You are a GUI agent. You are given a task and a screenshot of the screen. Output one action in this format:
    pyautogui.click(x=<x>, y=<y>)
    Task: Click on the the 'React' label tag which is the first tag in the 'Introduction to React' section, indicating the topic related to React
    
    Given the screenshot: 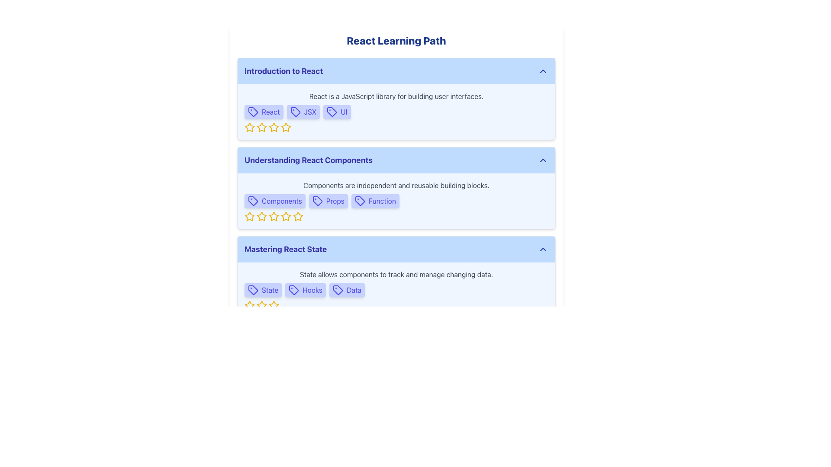 What is the action you would take?
    pyautogui.click(x=263, y=111)
    